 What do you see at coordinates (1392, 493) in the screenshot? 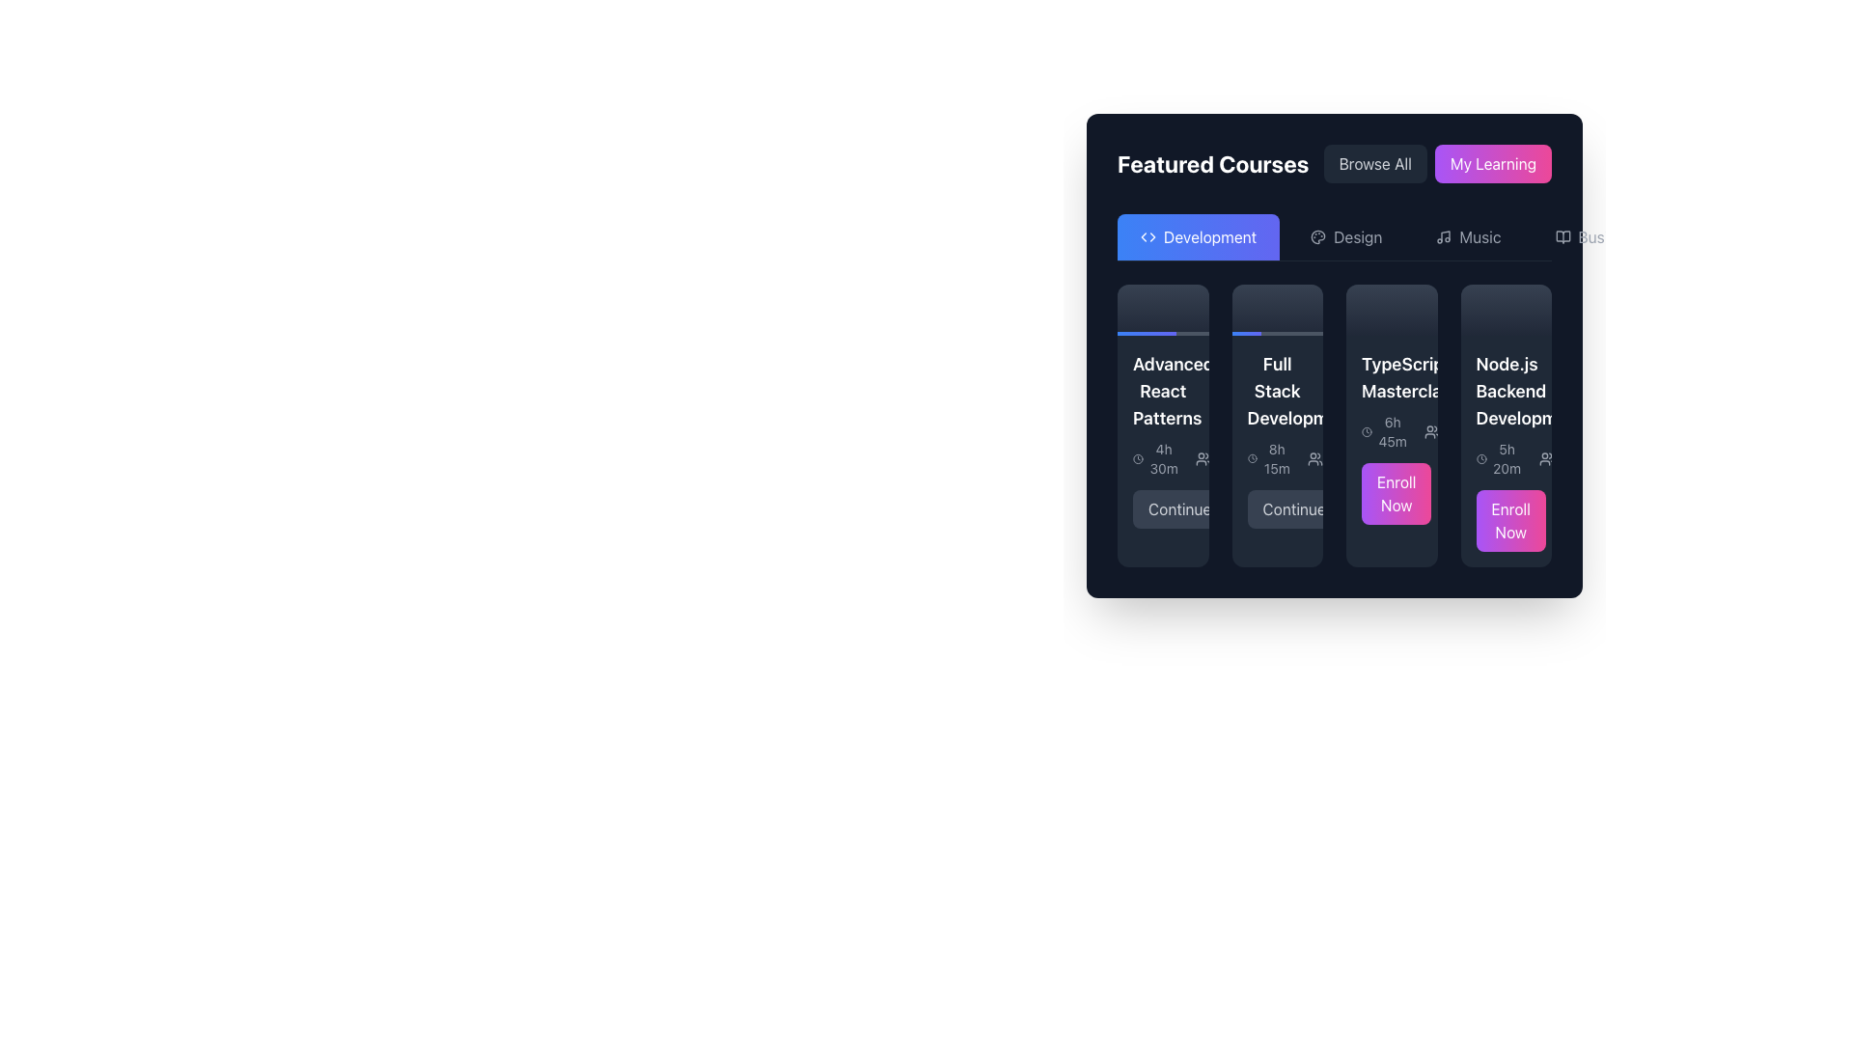
I see `the 'Enroll Now' button with a gradient background transitioning from purple to pink located at the bottom of the 'TypeScript Masterclass' card to enroll in the course` at bounding box center [1392, 493].